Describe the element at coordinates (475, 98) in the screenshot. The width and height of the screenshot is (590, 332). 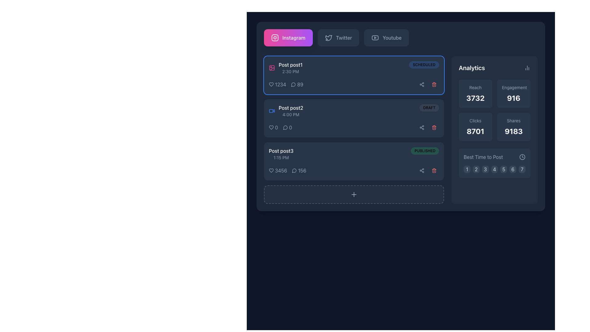
I see `the 'Reach' metric display in the analytics section` at that location.